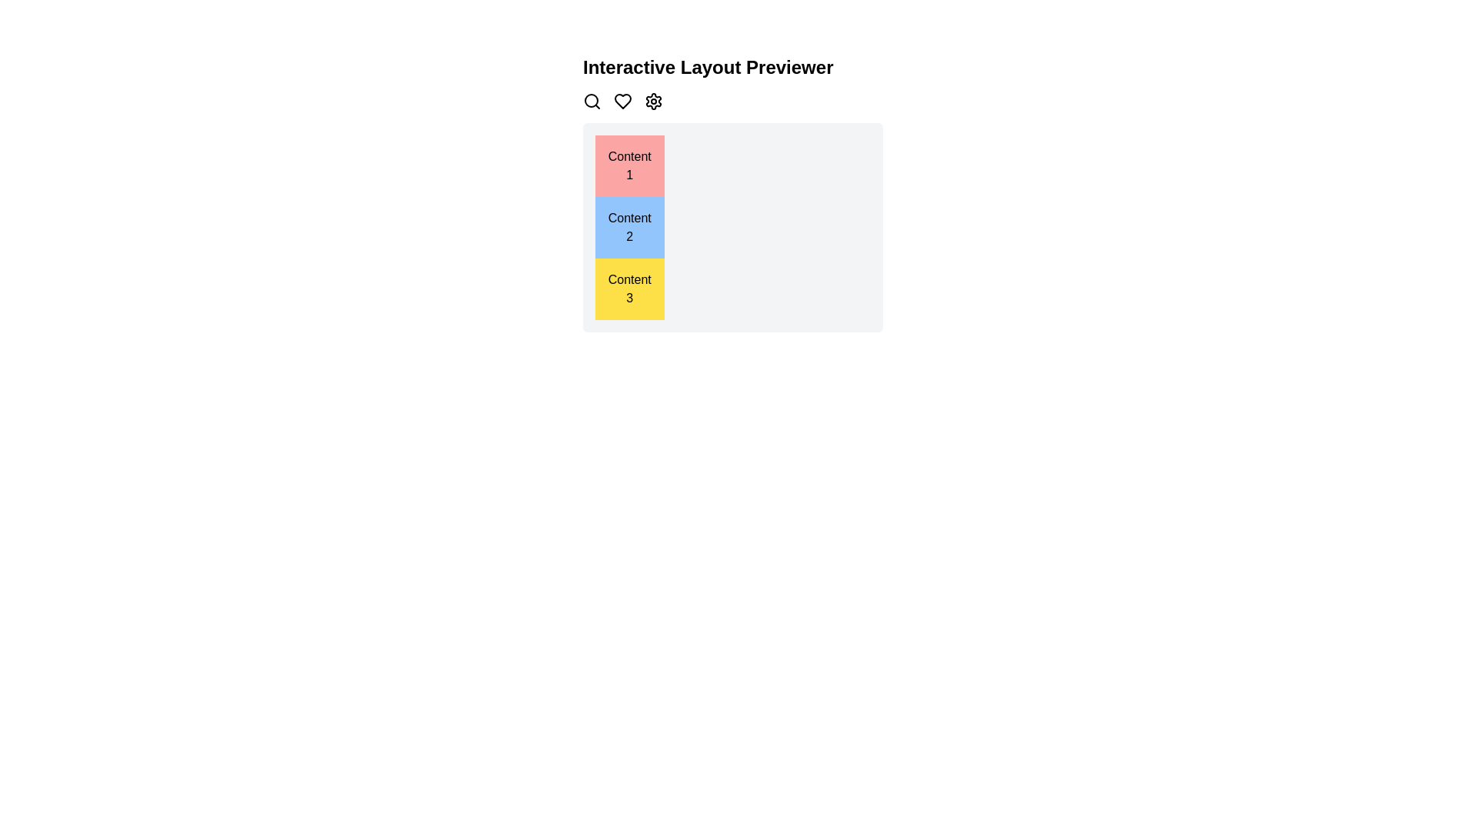  I want to click on the settings button, which is the fourth icon from the left in the horizontal toolbar at the top of the layout, so click(653, 101).